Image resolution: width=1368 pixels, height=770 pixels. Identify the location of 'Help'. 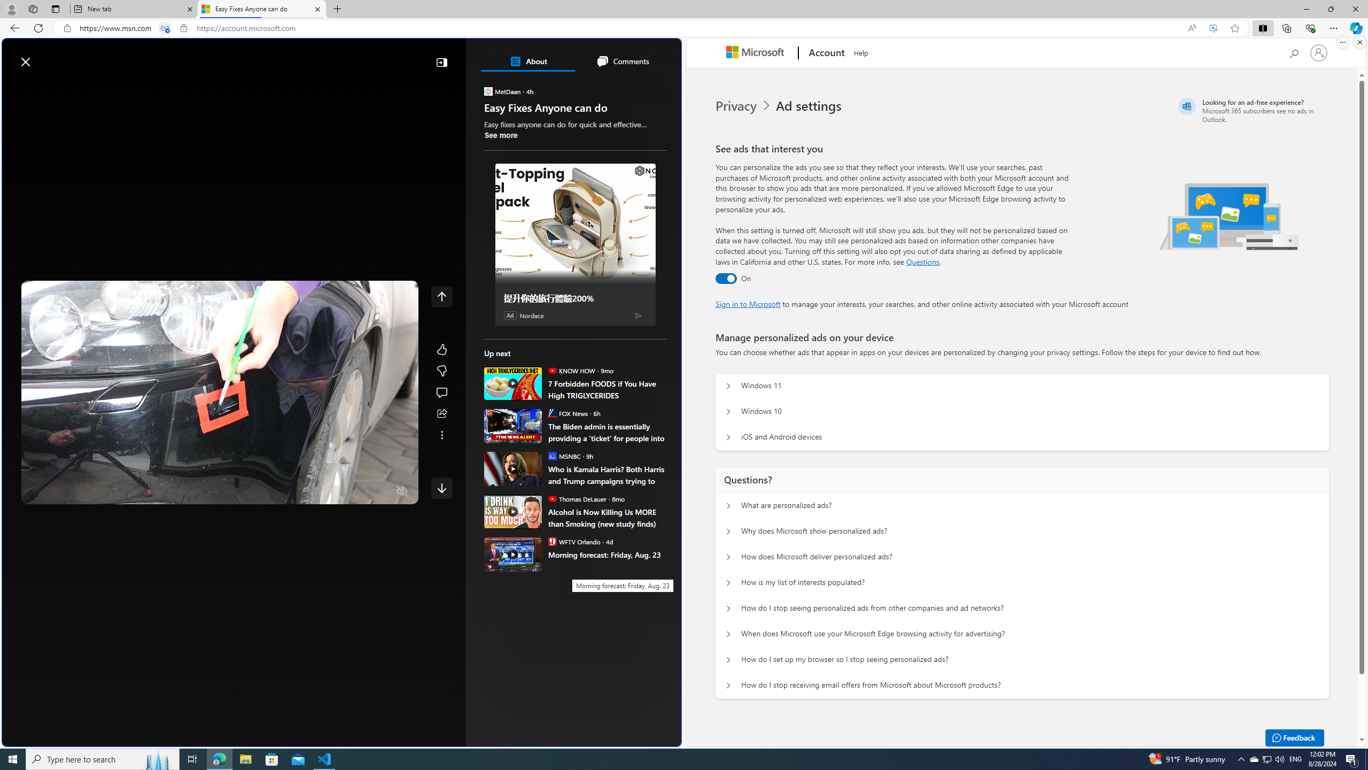
(860, 51).